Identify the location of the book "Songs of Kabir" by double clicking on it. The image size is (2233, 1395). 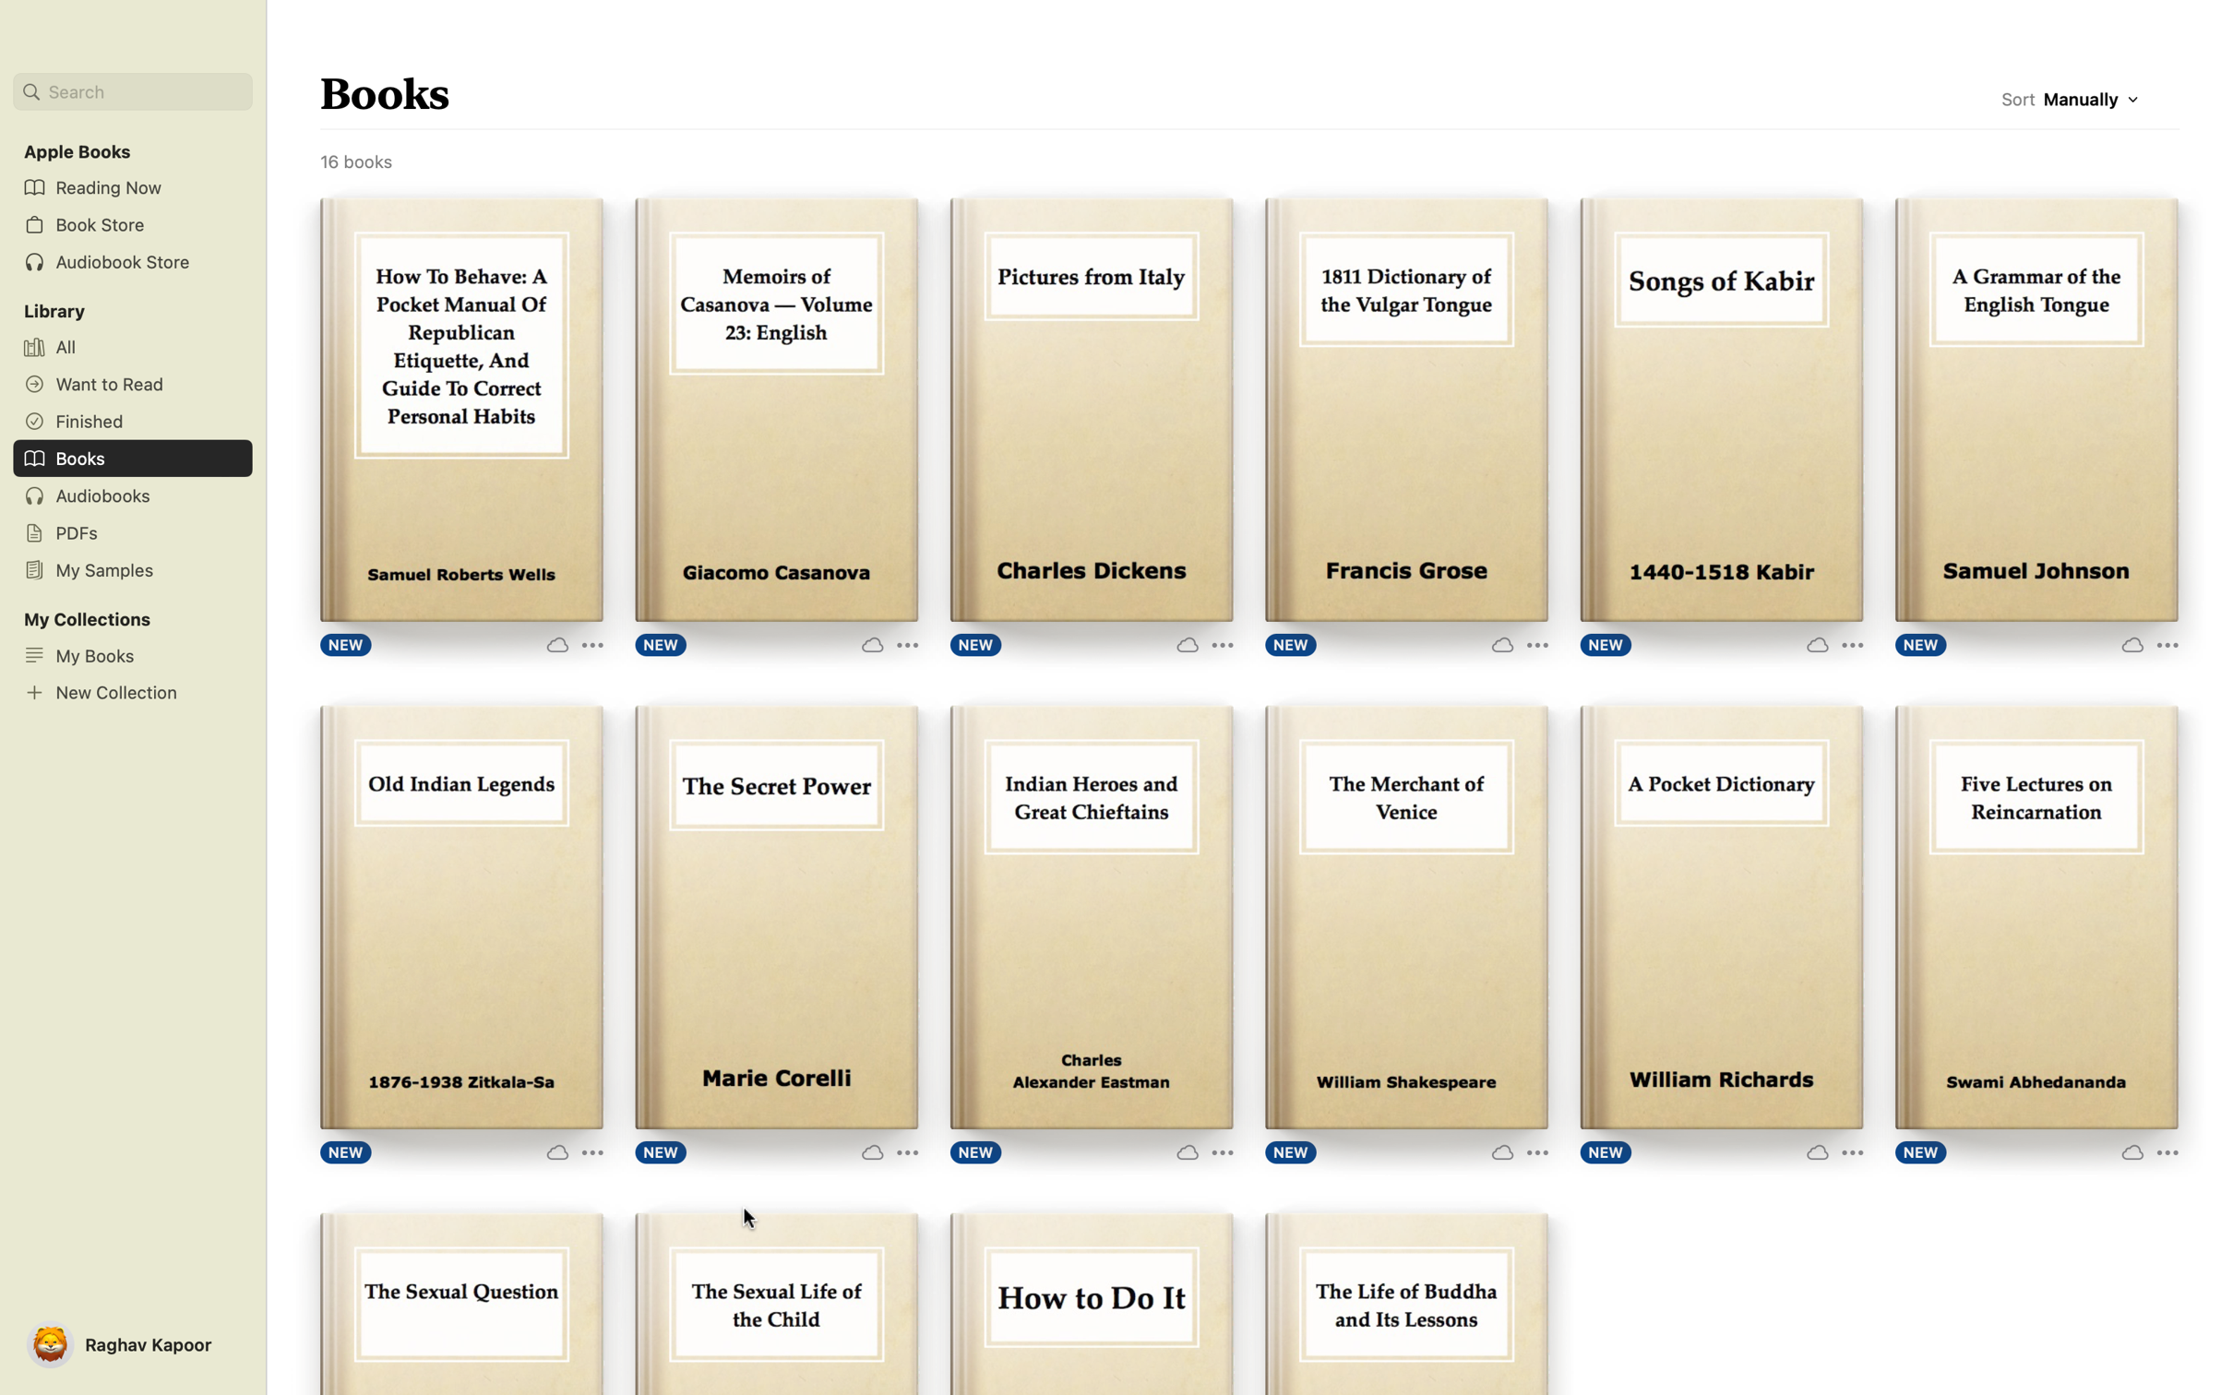
(1721, 410).